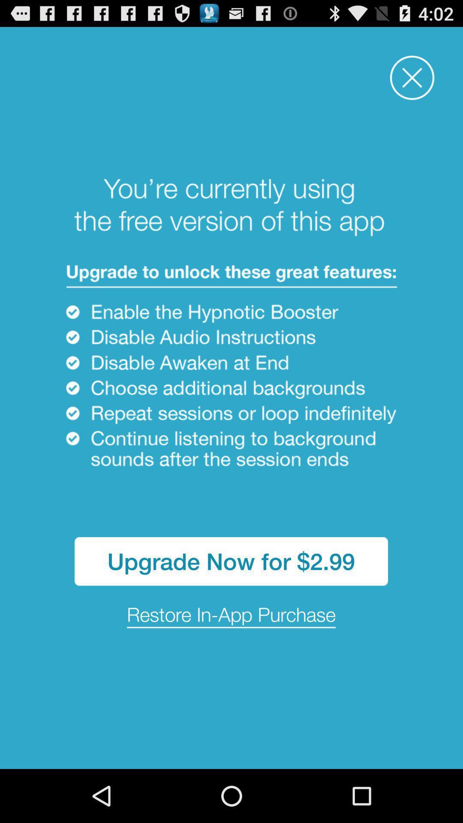 The width and height of the screenshot is (463, 823). Describe the element at coordinates (412, 78) in the screenshot. I see `window` at that location.